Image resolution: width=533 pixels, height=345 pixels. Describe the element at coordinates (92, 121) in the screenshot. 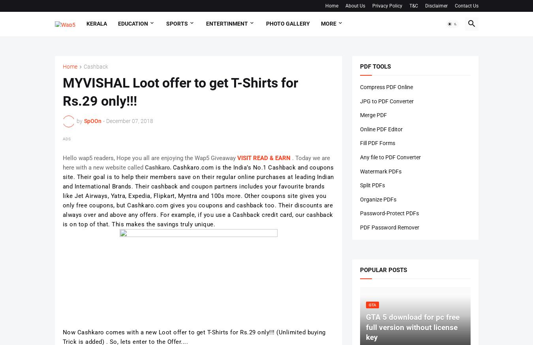

I see `'SpOOn'` at that location.